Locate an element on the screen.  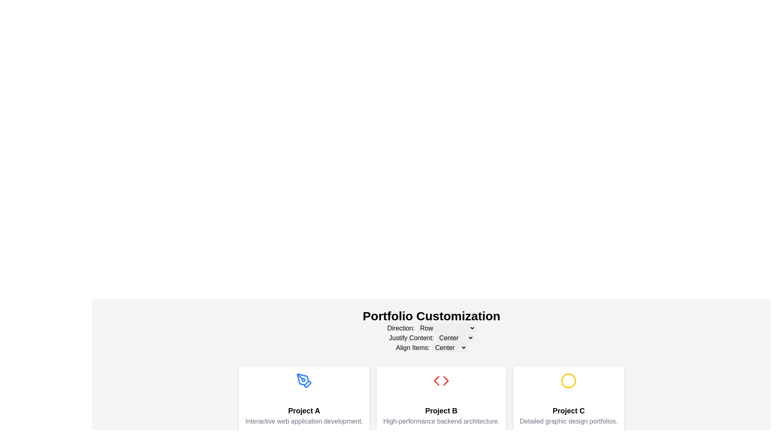
the blue stylized pen tool icon embedded within a circular frame, located above the 'Project A' section is located at coordinates (302, 379).